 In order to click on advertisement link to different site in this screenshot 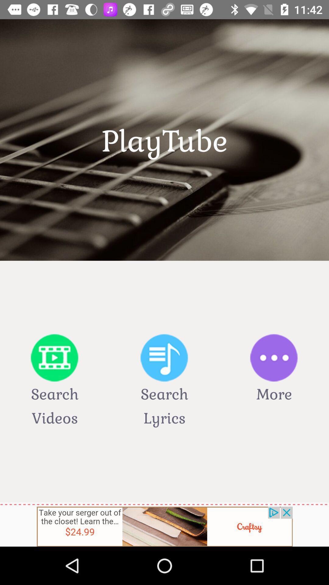, I will do `click(164, 526)`.